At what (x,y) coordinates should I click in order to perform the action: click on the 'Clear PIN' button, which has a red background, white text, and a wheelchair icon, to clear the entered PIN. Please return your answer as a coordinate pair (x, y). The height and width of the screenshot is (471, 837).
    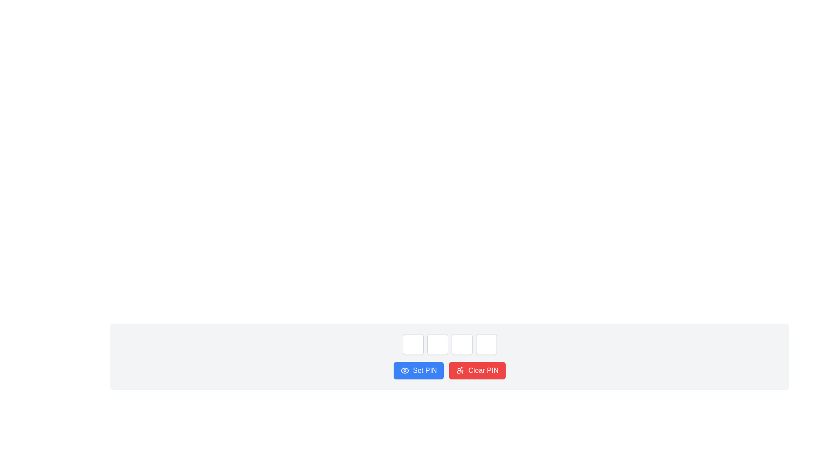
    Looking at the image, I should click on (476, 370).